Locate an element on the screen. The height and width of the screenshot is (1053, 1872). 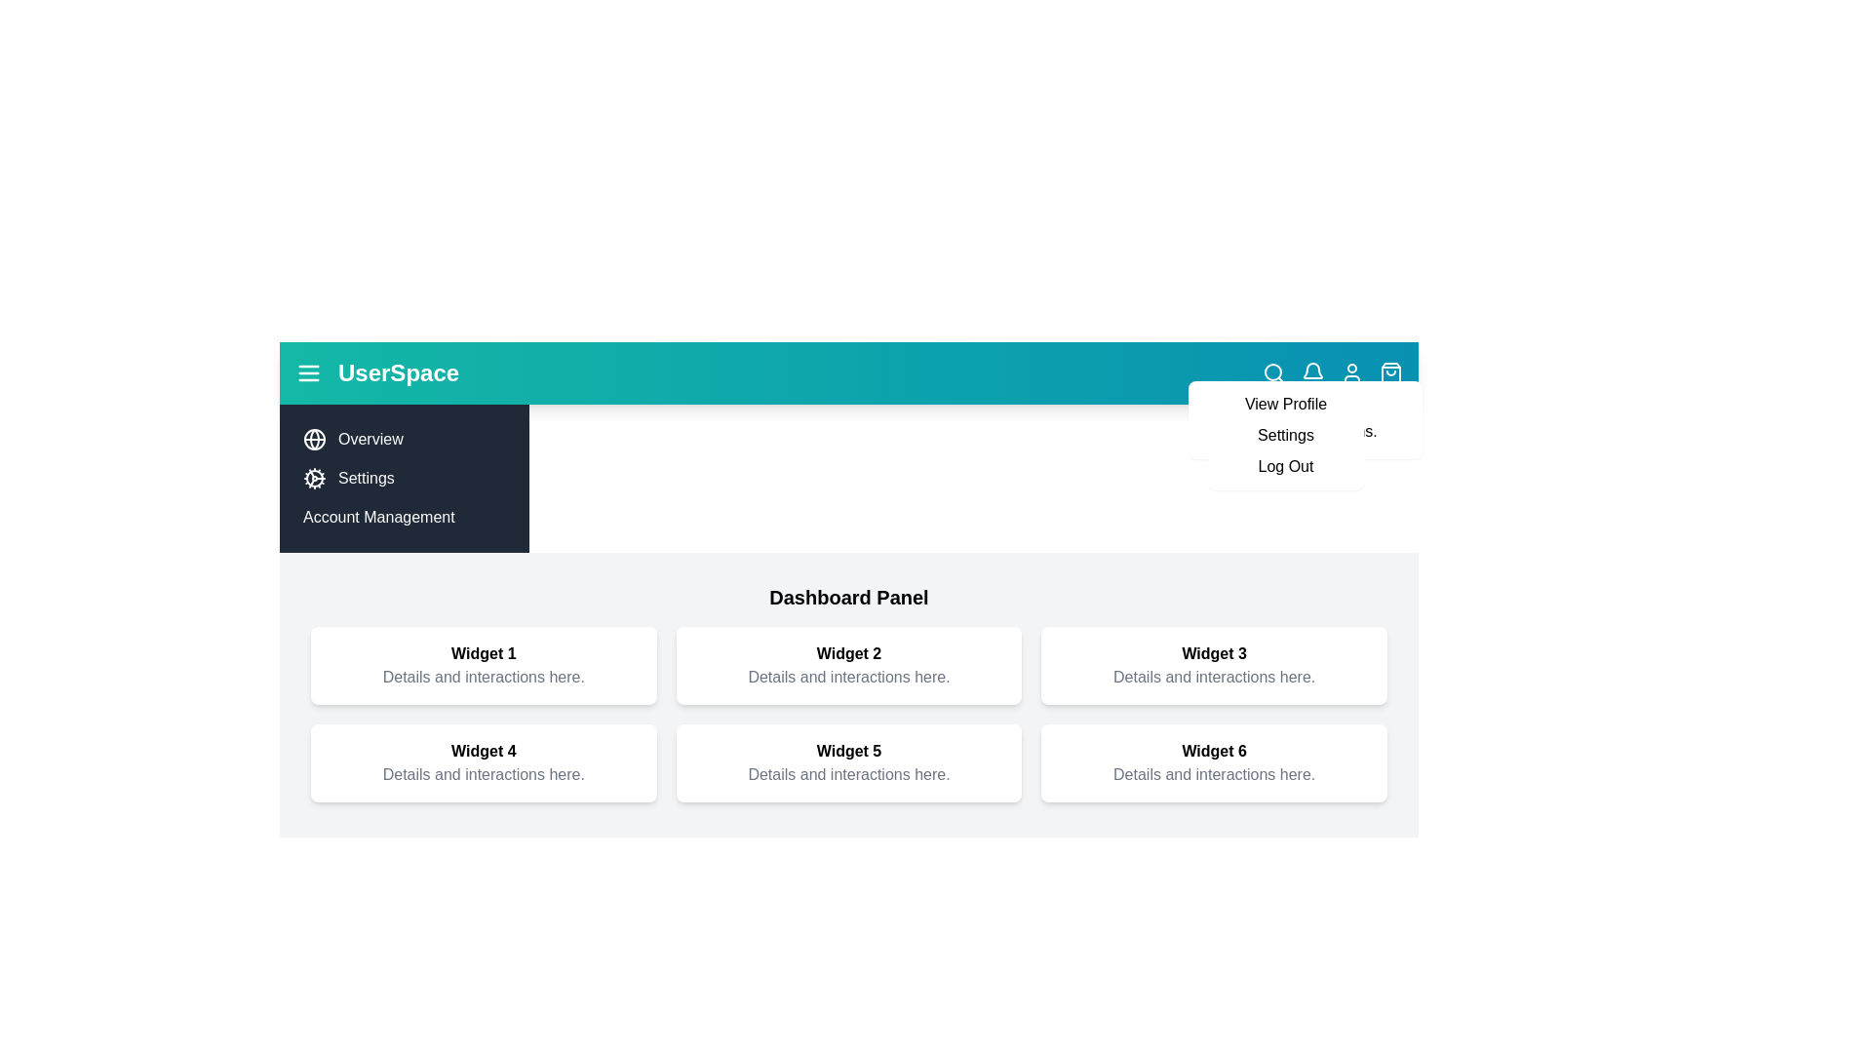
the bell-shaped notification icon located in the top-right navigation bar is located at coordinates (1313, 372).